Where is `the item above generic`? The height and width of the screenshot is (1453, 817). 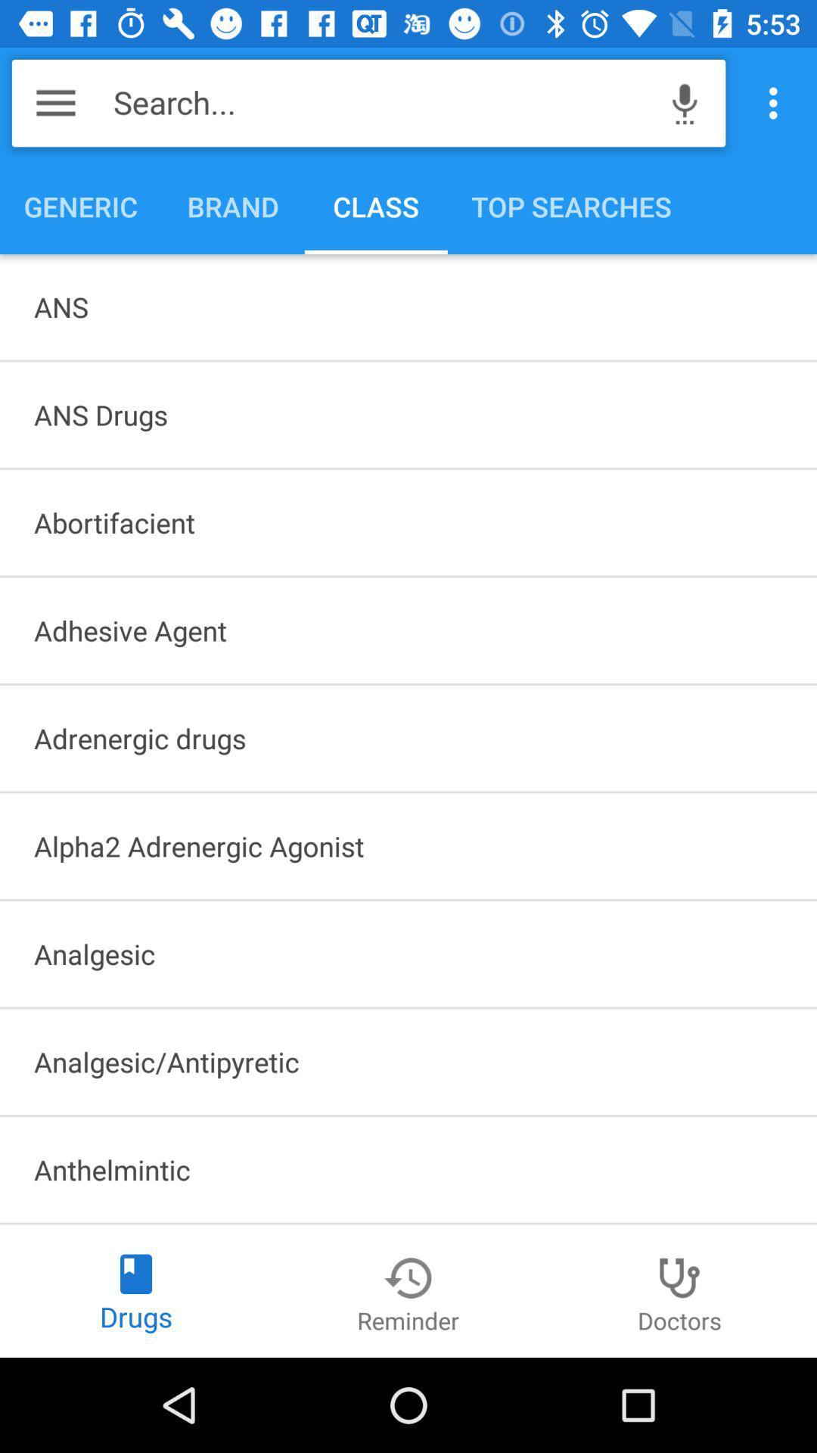
the item above generic is located at coordinates (381, 102).